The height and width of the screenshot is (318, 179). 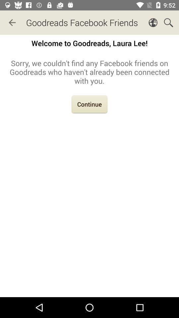 What do you see at coordinates (12, 23) in the screenshot?
I see `the app to the left of goodreads facebook friends icon` at bounding box center [12, 23].